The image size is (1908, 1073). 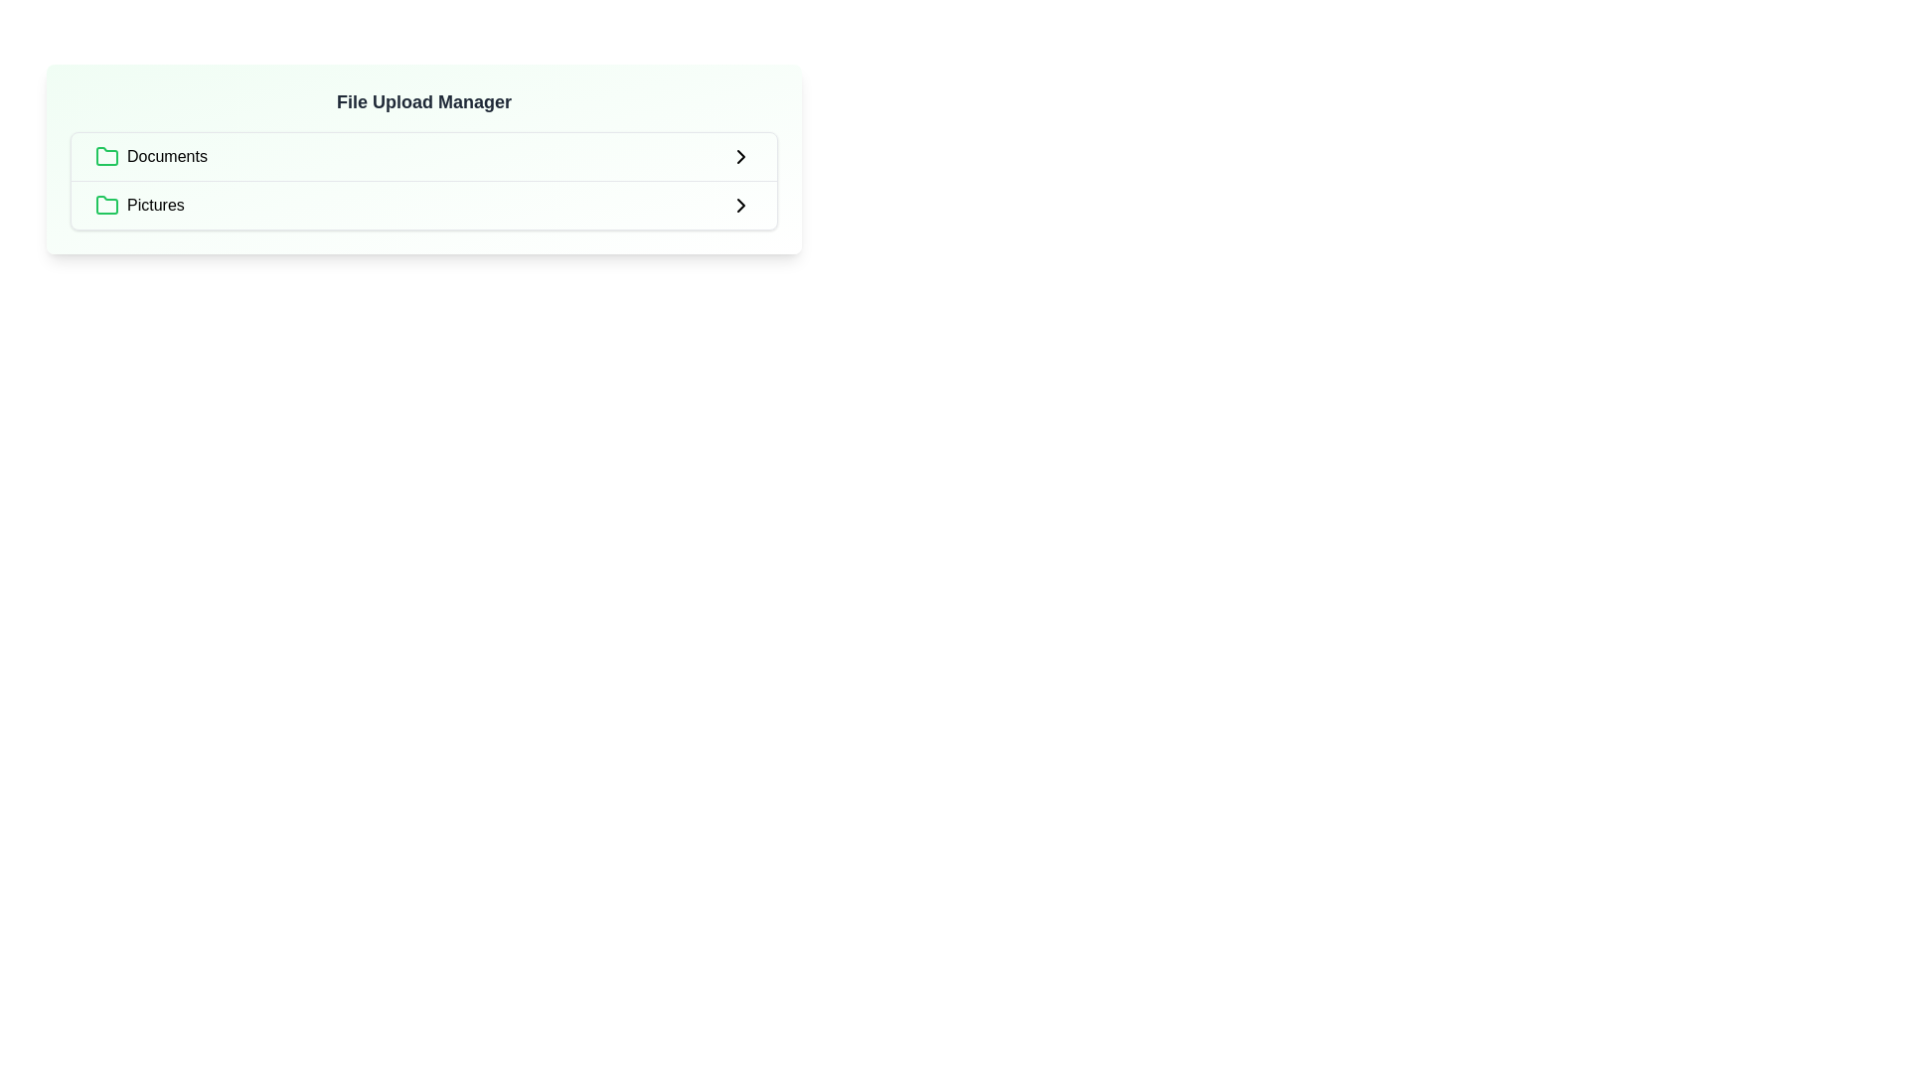 What do you see at coordinates (739, 156) in the screenshot?
I see `the rightward-facing chevron icon located at the far right of the 'Documents' list entry` at bounding box center [739, 156].